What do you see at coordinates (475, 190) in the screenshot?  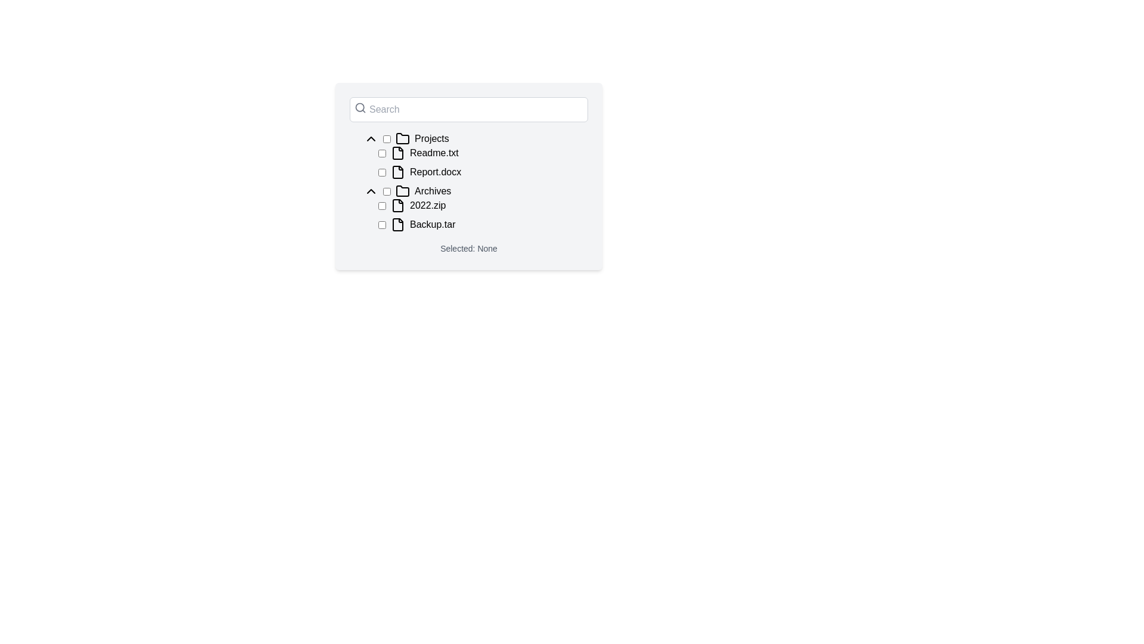 I see `the checkbox of the 'Archives' folder in the file hierarchy` at bounding box center [475, 190].